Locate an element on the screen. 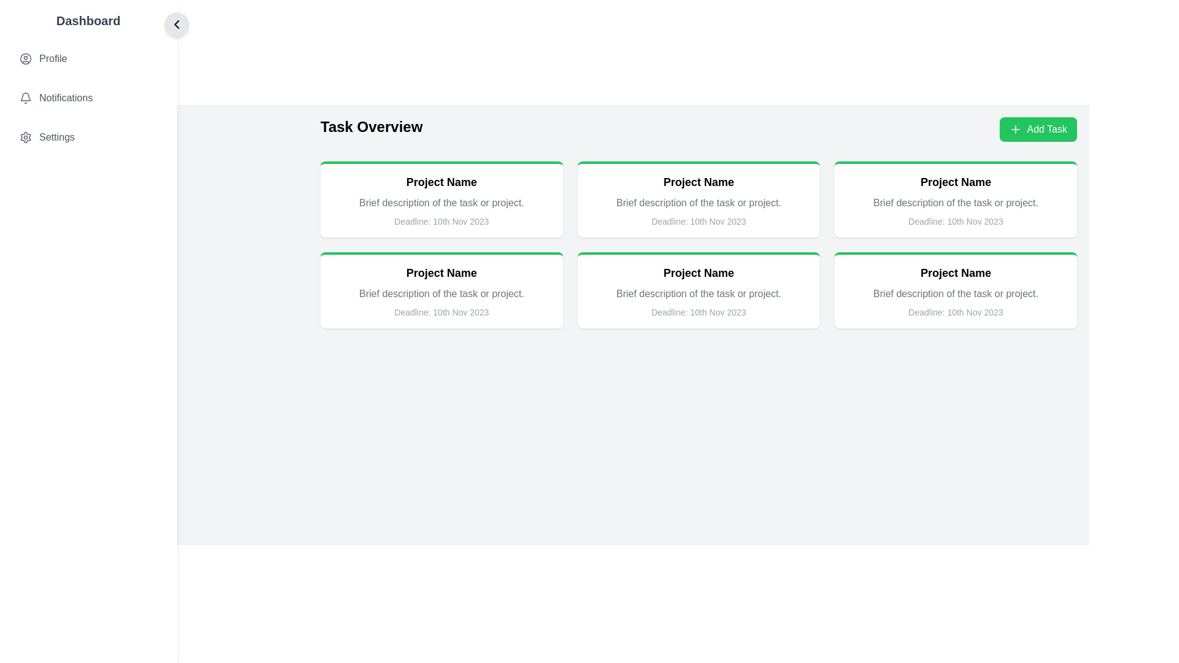 The image size is (1179, 663). the Card element with a white background, shadow effect, and rounded corners is located at coordinates (698, 290).